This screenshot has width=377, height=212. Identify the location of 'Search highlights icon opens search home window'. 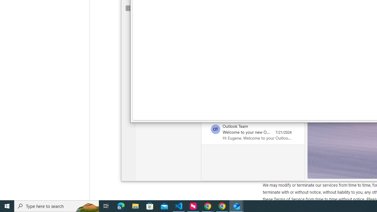
(87, 206).